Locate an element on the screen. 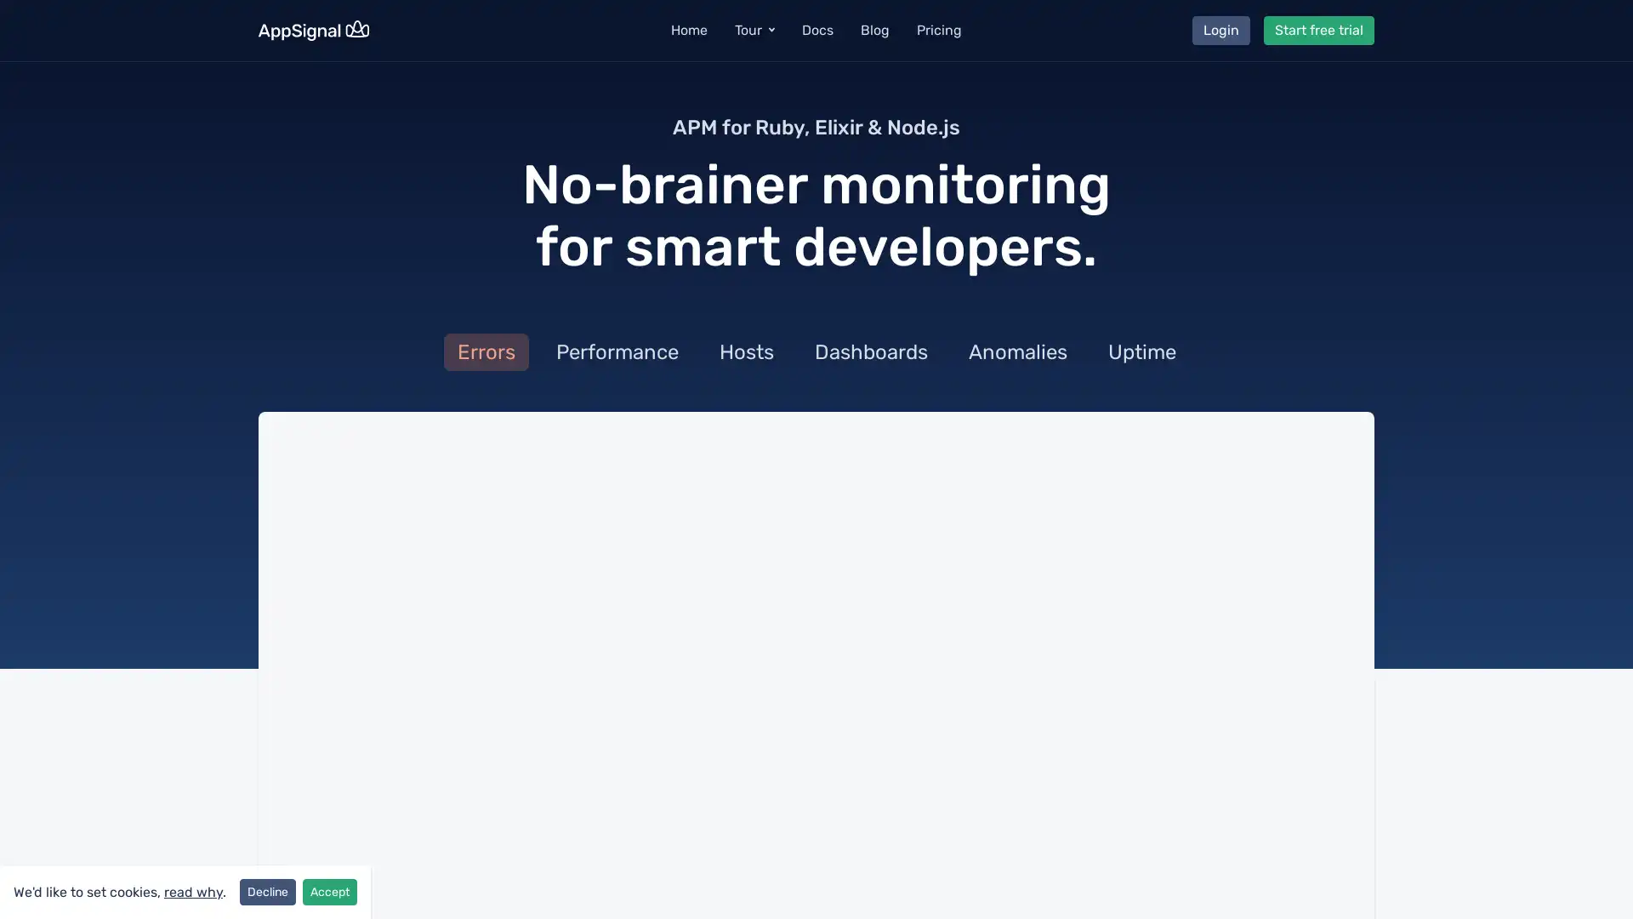 The width and height of the screenshot is (1633, 919). Errors is located at coordinates (485, 350).